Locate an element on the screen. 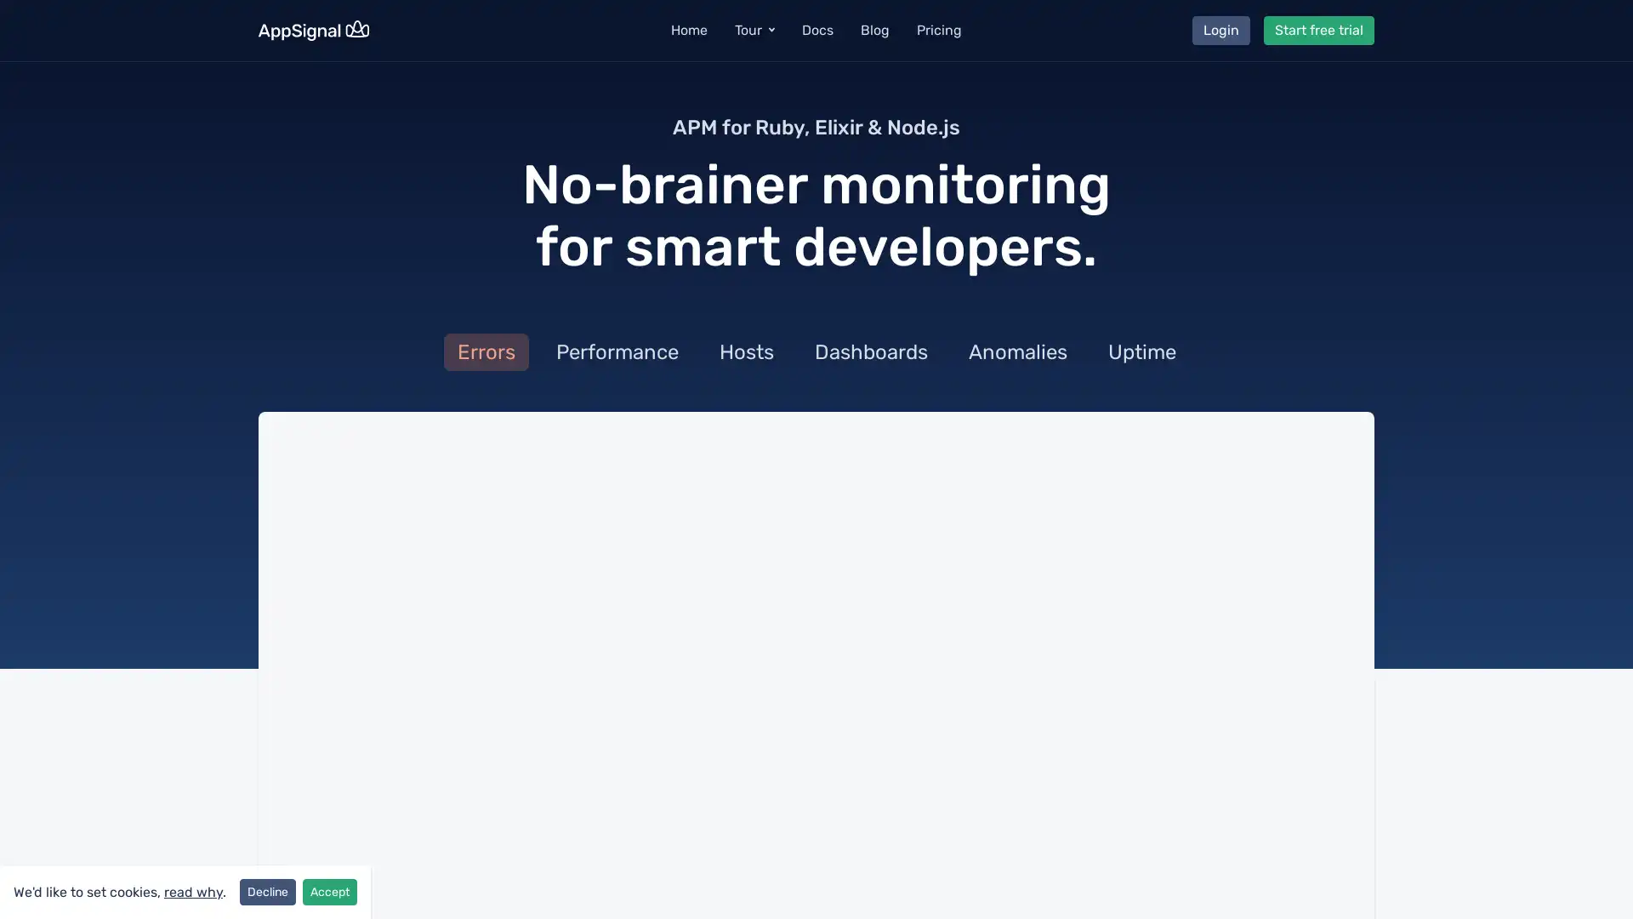 The width and height of the screenshot is (1633, 919). Errors is located at coordinates (485, 350).